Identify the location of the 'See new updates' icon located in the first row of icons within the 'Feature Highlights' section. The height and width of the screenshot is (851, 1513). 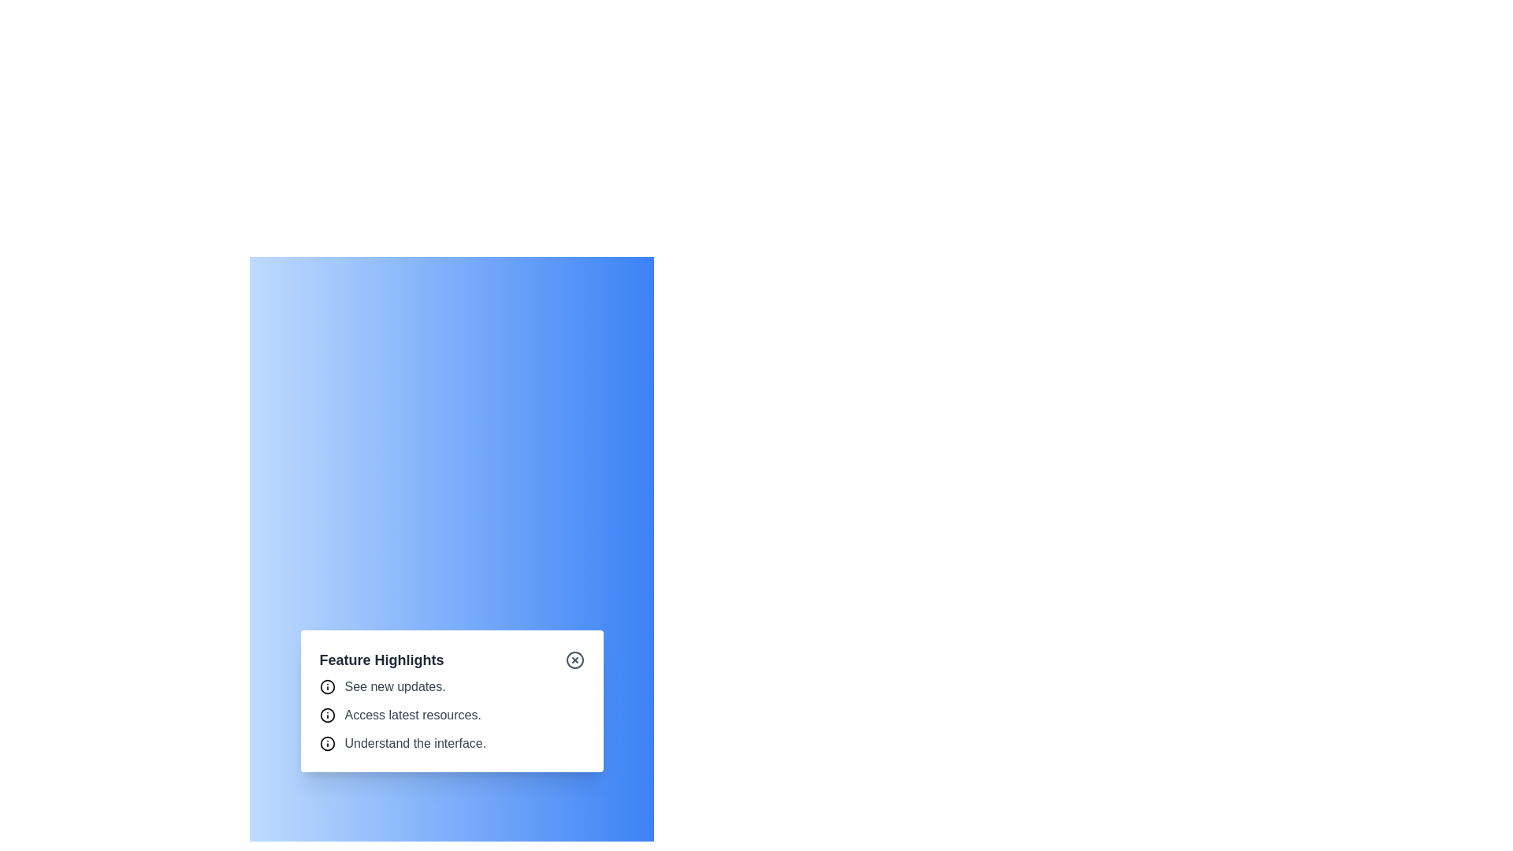
(326, 686).